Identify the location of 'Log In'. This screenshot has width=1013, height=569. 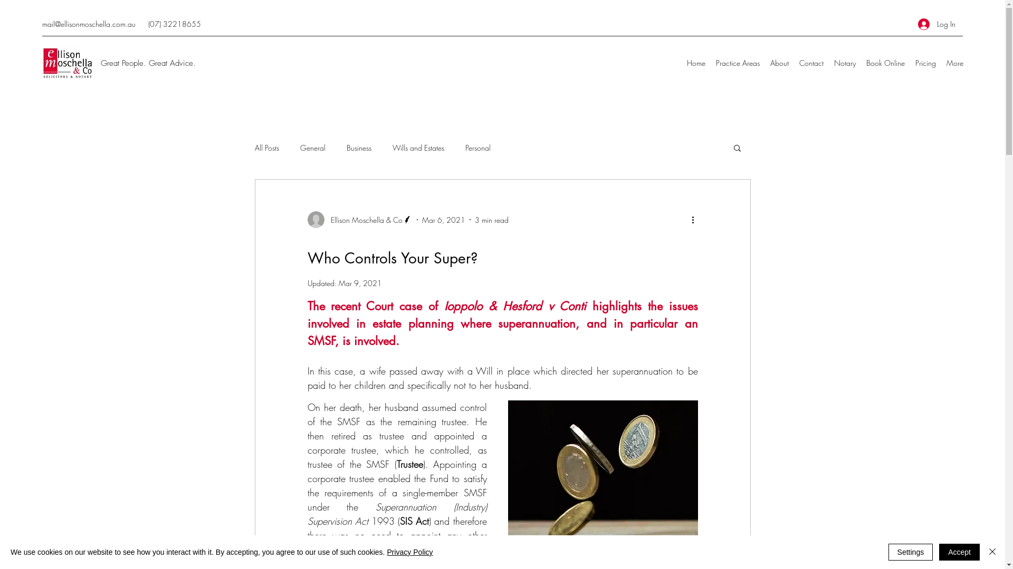
(936, 24).